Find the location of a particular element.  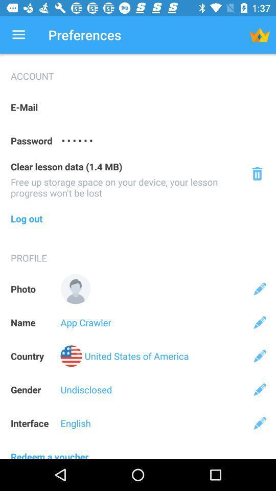

edit name is located at coordinates (260, 322).